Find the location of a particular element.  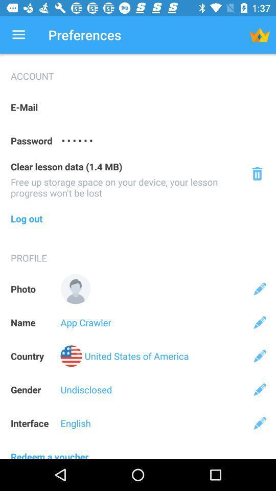

edit name is located at coordinates (260, 322).